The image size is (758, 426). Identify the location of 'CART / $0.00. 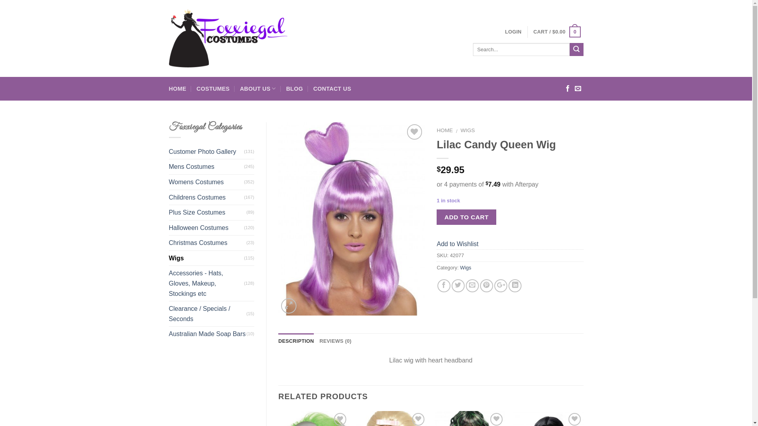
(556, 32).